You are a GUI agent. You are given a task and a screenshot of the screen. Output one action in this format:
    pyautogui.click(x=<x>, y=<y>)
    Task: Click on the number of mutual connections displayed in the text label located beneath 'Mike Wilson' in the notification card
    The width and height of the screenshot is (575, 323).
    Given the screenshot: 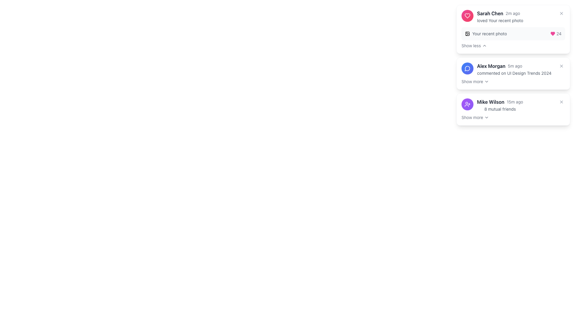 What is the action you would take?
    pyautogui.click(x=500, y=109)
    